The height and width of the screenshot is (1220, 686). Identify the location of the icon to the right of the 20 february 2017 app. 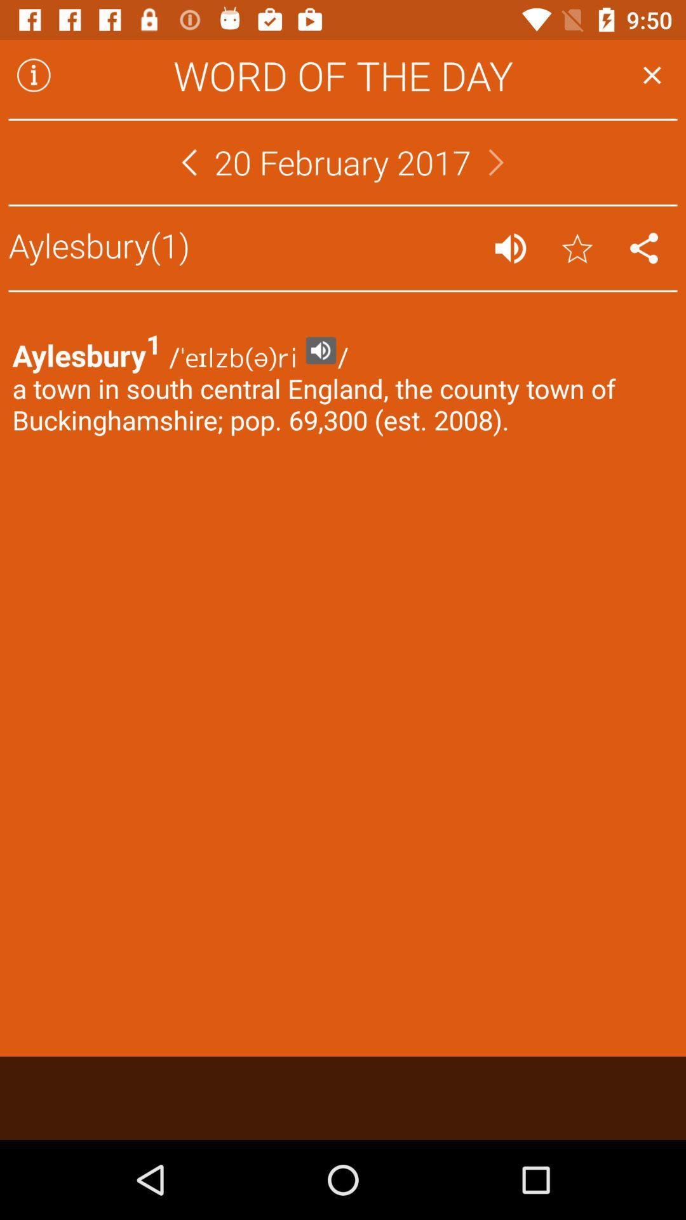
(495, 161).